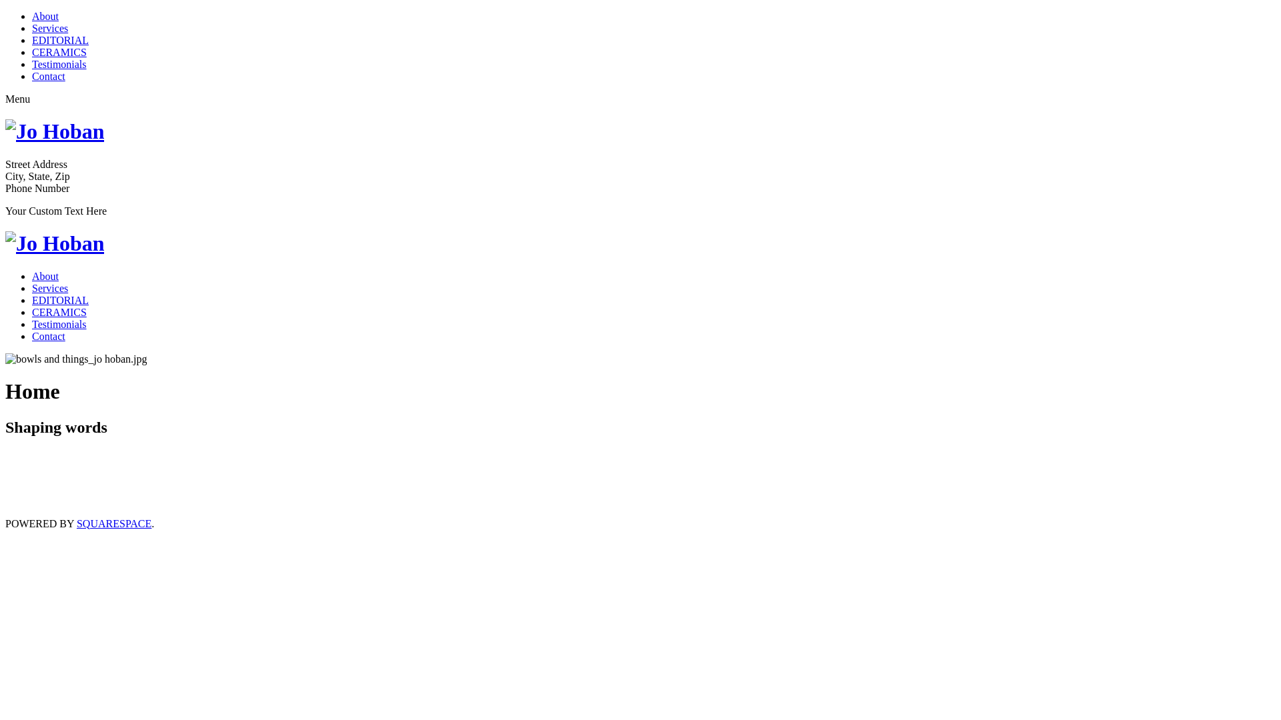 This screenshot has width=1281, height=720. What do you see at coordinates (48, 335) in the screenshot?
I see `'Contact'` at bounding box center [48, 335].